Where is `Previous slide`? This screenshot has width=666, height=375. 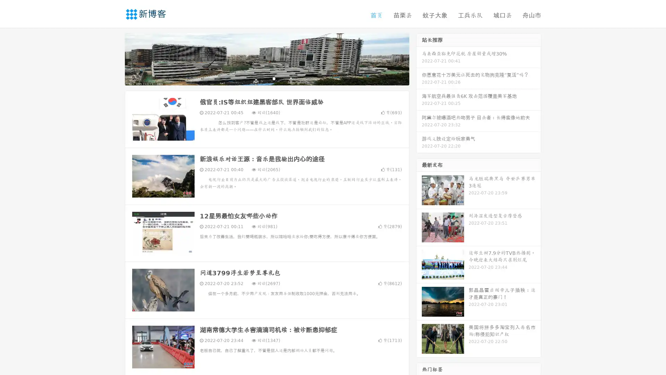
Previous slide is located at coordinates (114, 58).